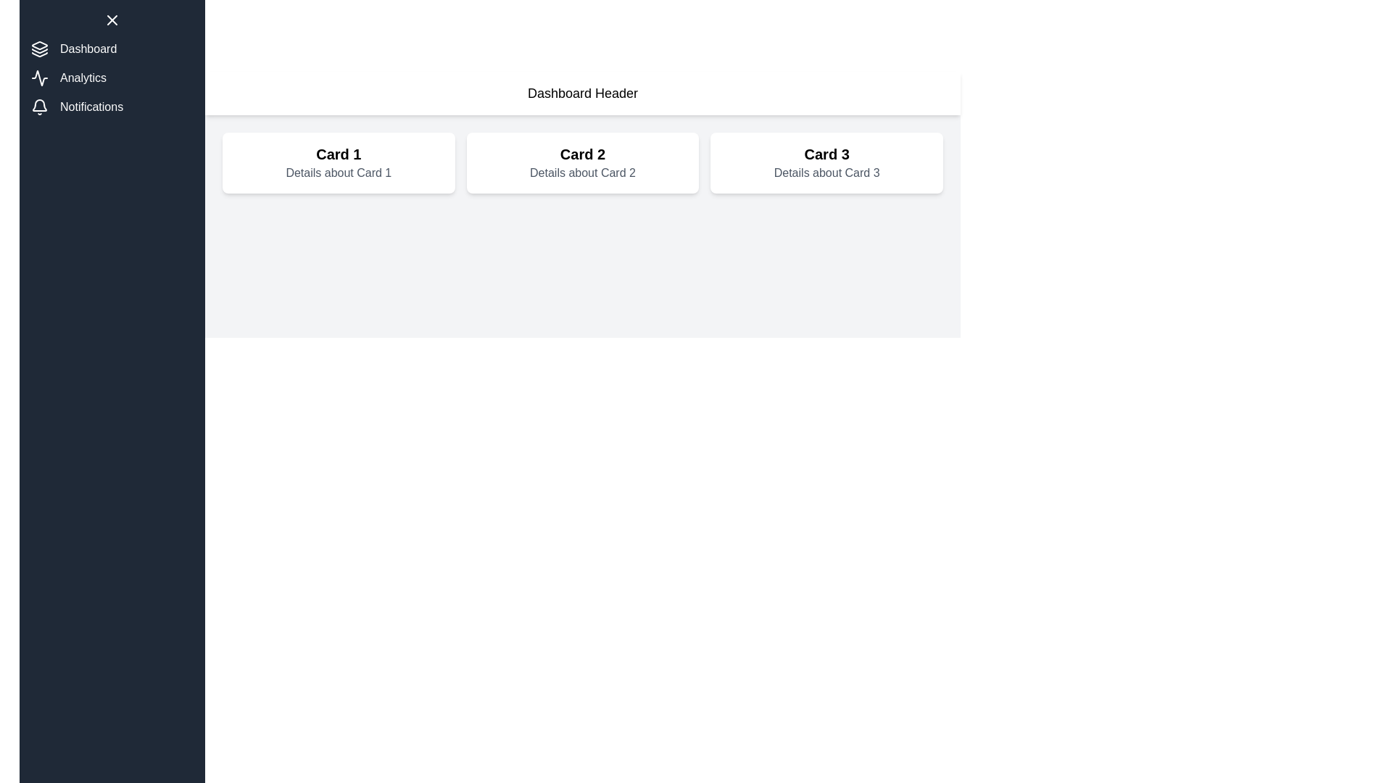 This screenshot has height=783, width=1392. I want to click on the bell icon, so click(39, 104).